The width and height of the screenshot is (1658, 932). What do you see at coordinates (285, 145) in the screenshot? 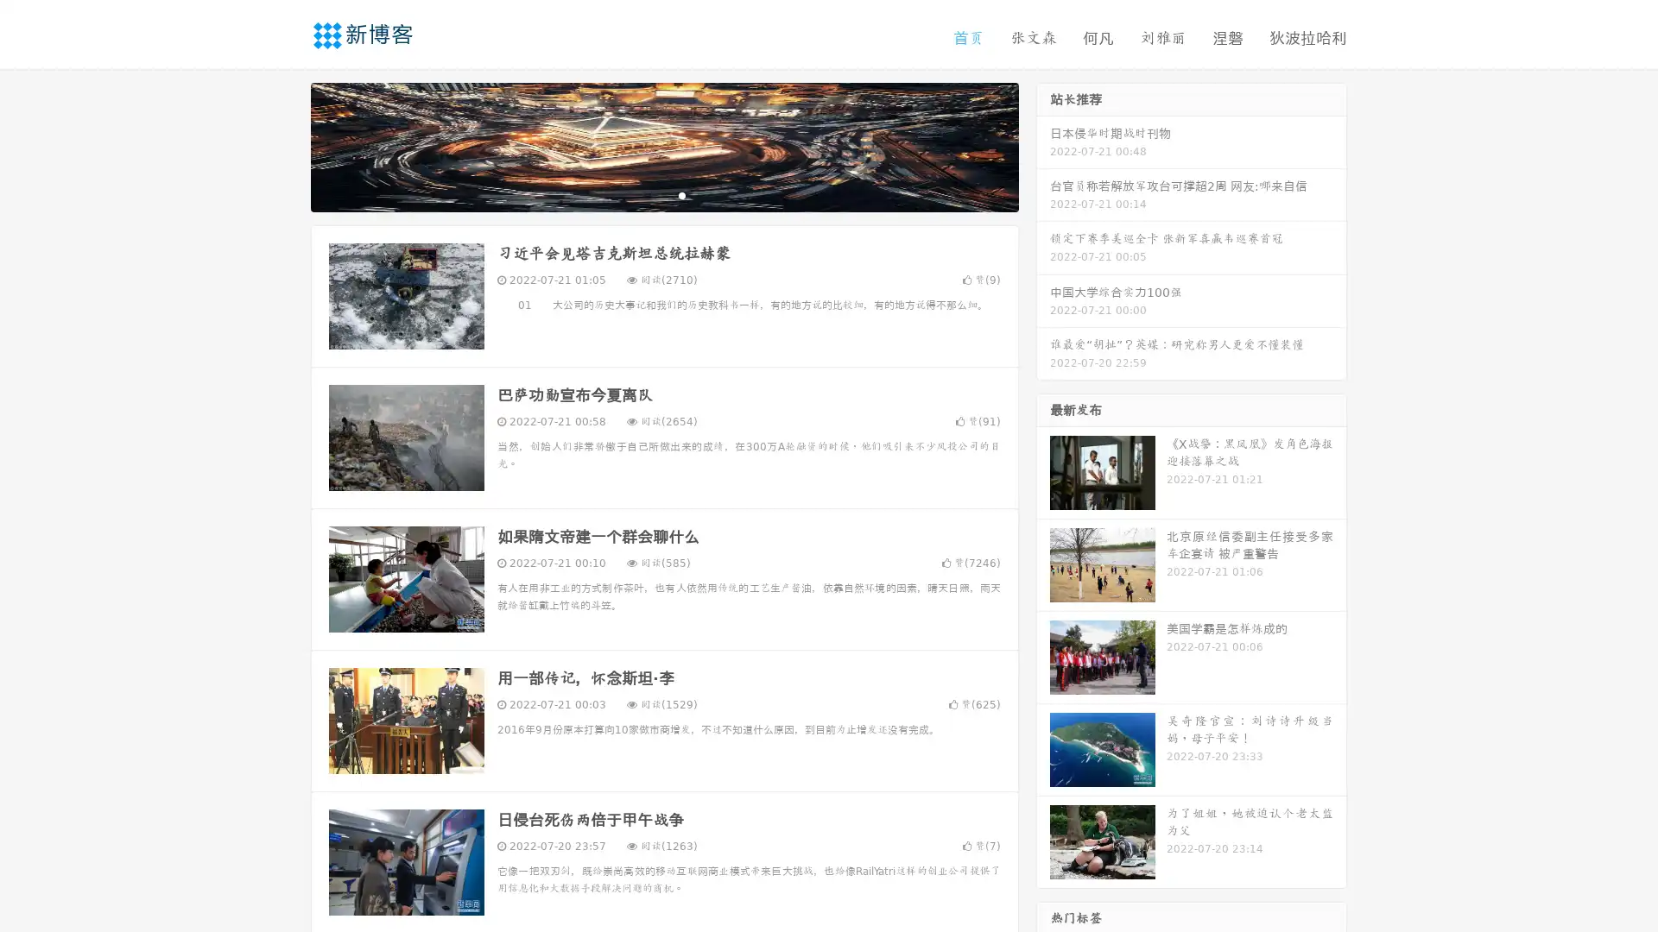
I see `Previous slide` at bounding box center [285, 145].